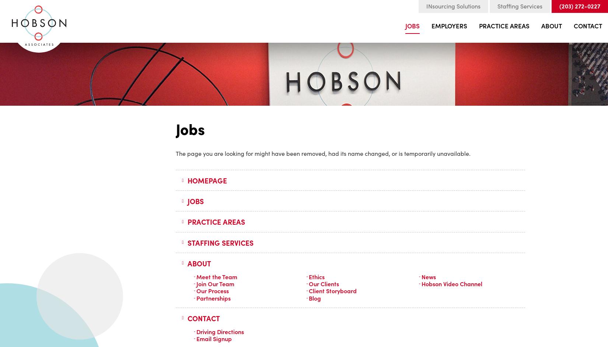  Describe the element at coordinates (502, 145) in the screenshot. I see `'Healthcare Technology'` at that location.